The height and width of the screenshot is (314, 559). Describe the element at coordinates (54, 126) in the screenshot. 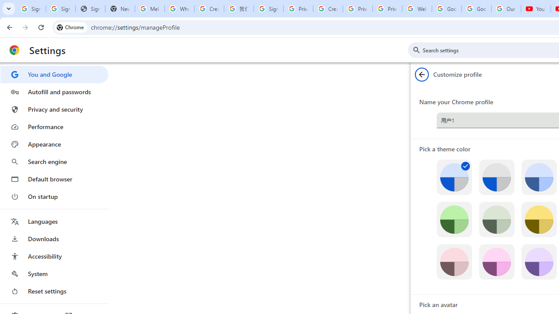

I see `'Performance'` at that location.